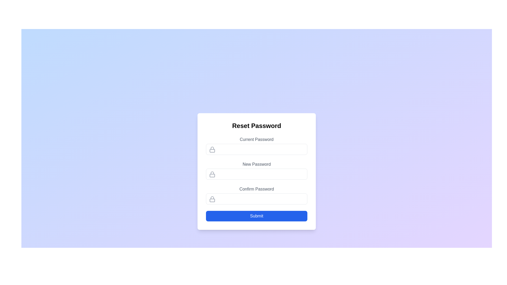 The image size is (507, 285). I want to click on the static text label displaying 'New Password', which is positioned centrally above the input field in the card layout, so click(256, 164).